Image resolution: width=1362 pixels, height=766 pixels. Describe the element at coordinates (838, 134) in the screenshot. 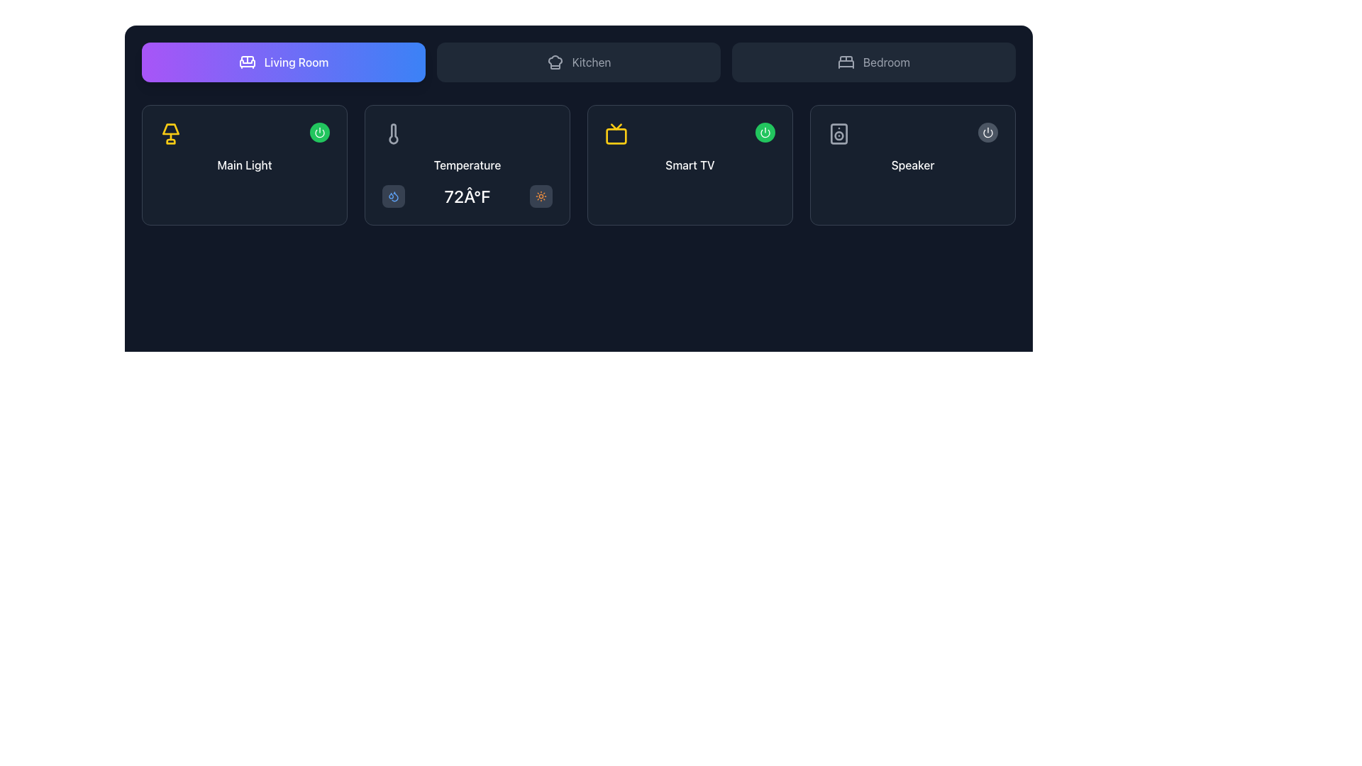

I see `the decorative element that is part of the speaker icon, located centrally within the icon on the right side of the interface` at that location.